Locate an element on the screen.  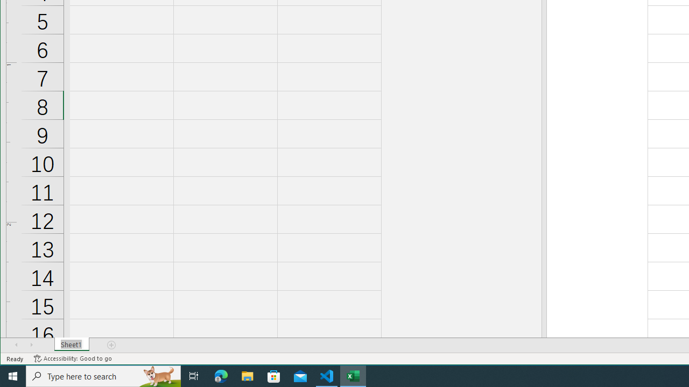
'Visual Studio Code - 1 running window' is located at coordinates (326, 375).